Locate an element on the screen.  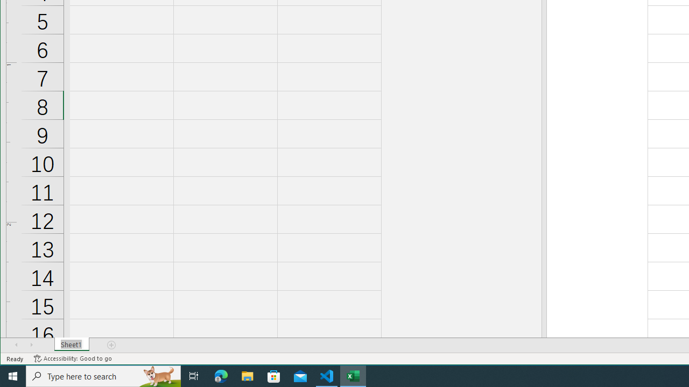
'Visual Studio Code - 1 running window' is located at coordinates (326, 375).